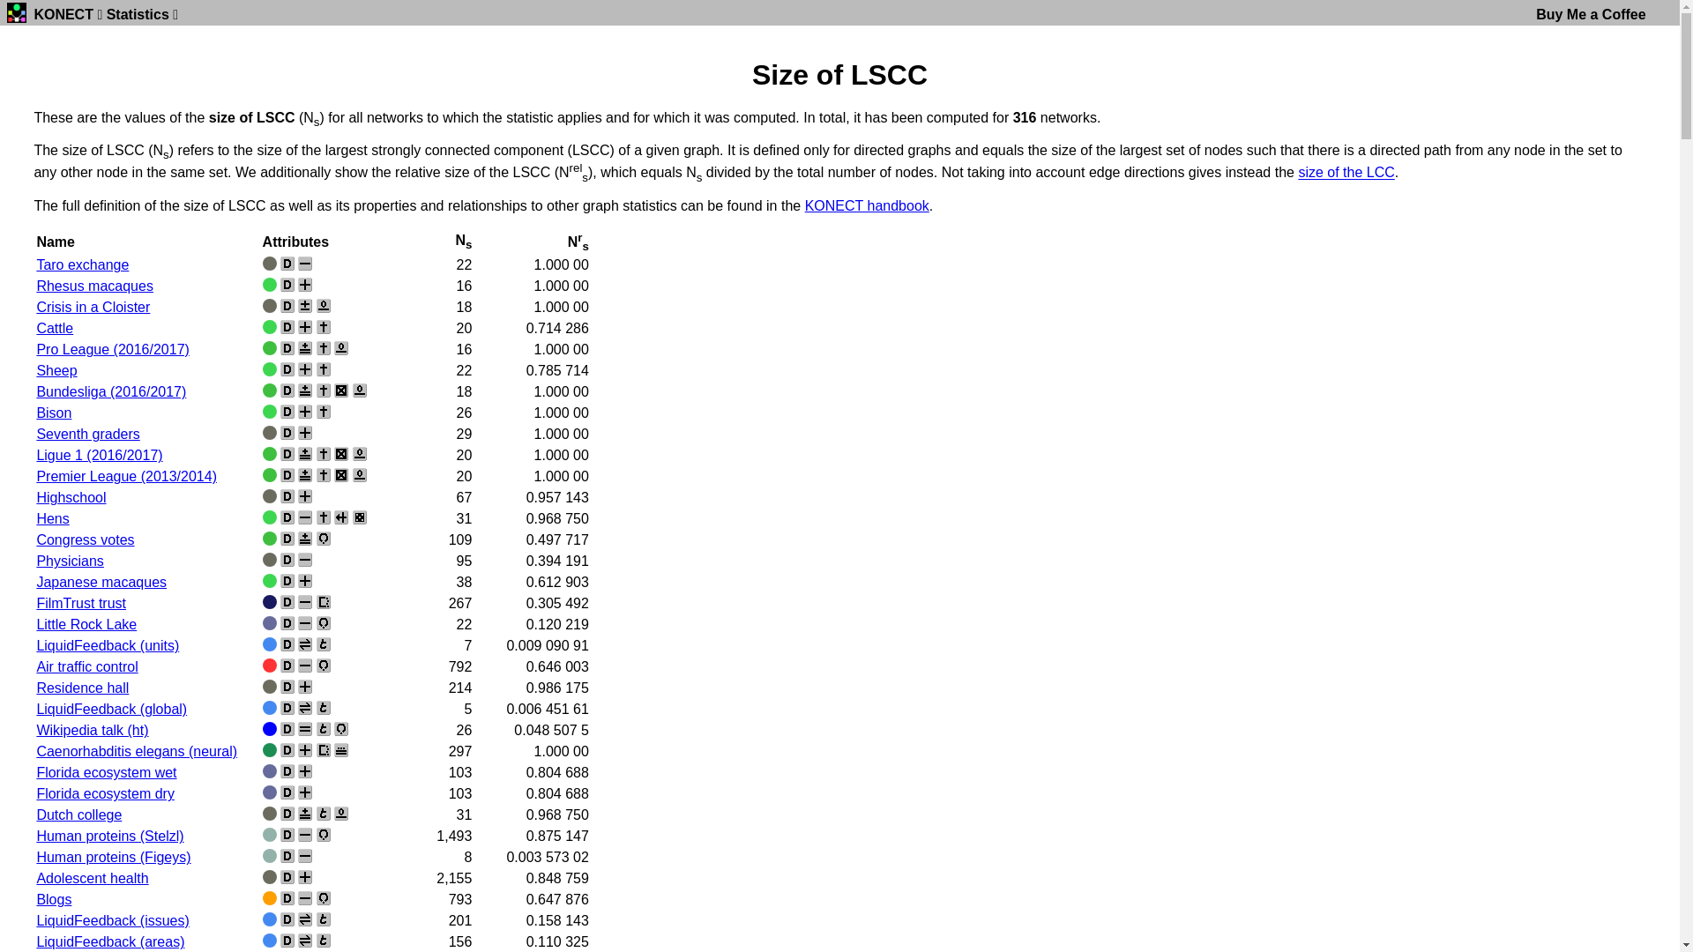 The image size is (1693, 952). Describe the element at coordinates (36, 497) in the screenshot. I see `'Highschool'` at that location.